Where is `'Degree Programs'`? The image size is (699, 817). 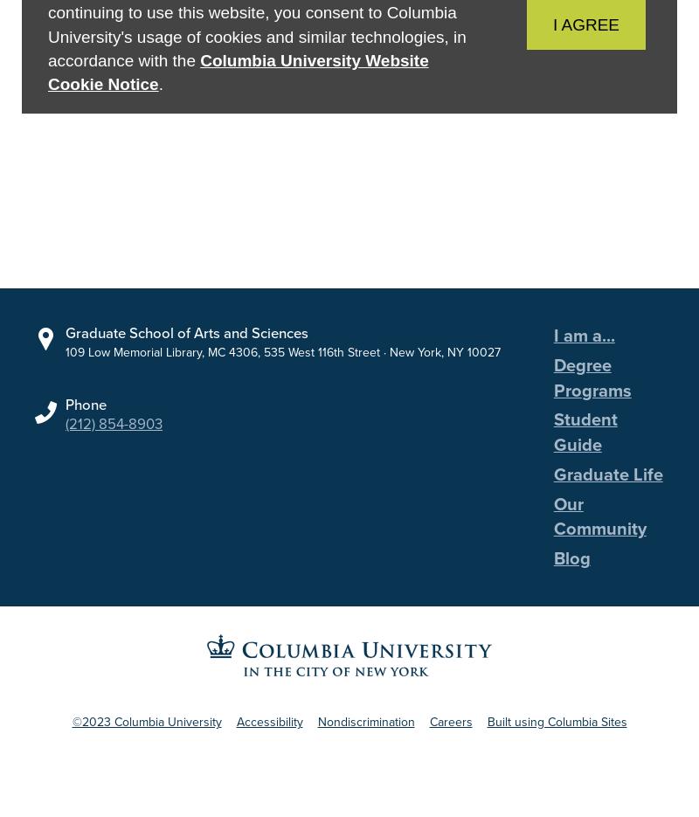 'Degree Programs' is located at coordinates (592, 376).